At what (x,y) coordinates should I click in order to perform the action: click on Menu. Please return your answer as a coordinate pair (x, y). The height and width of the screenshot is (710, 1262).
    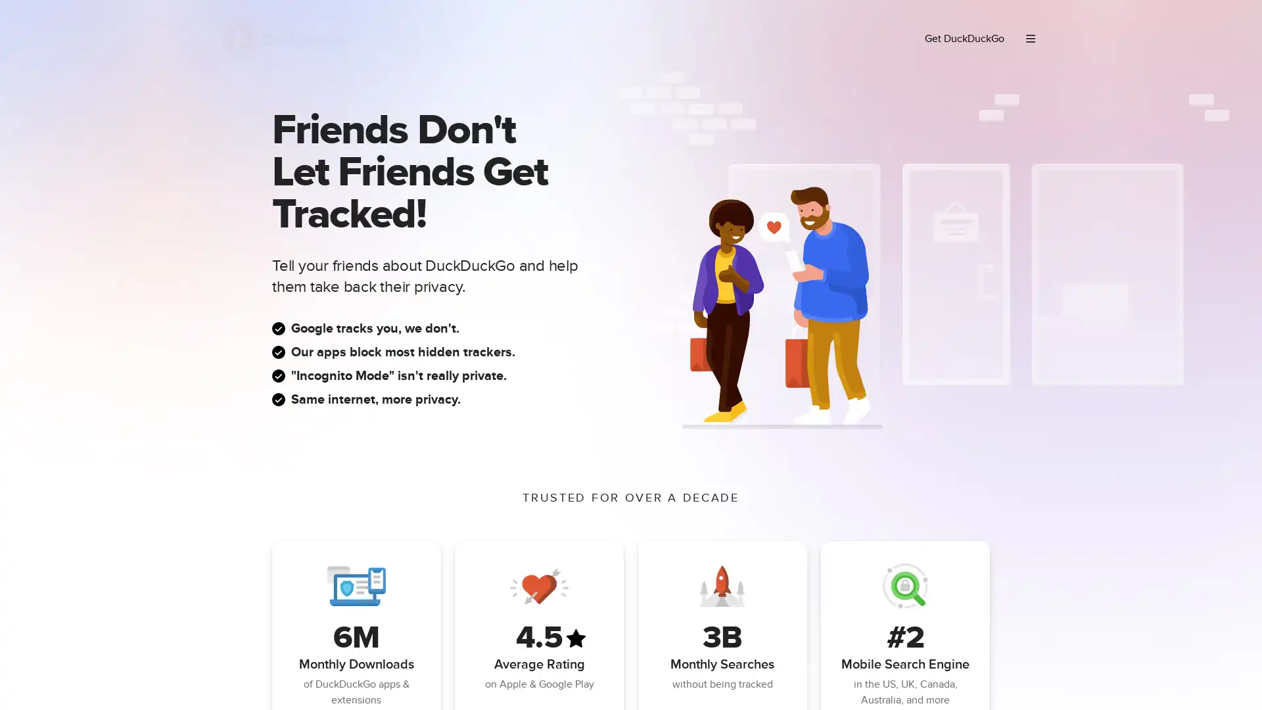
    Looking at the image, I should click on (1030, 37).